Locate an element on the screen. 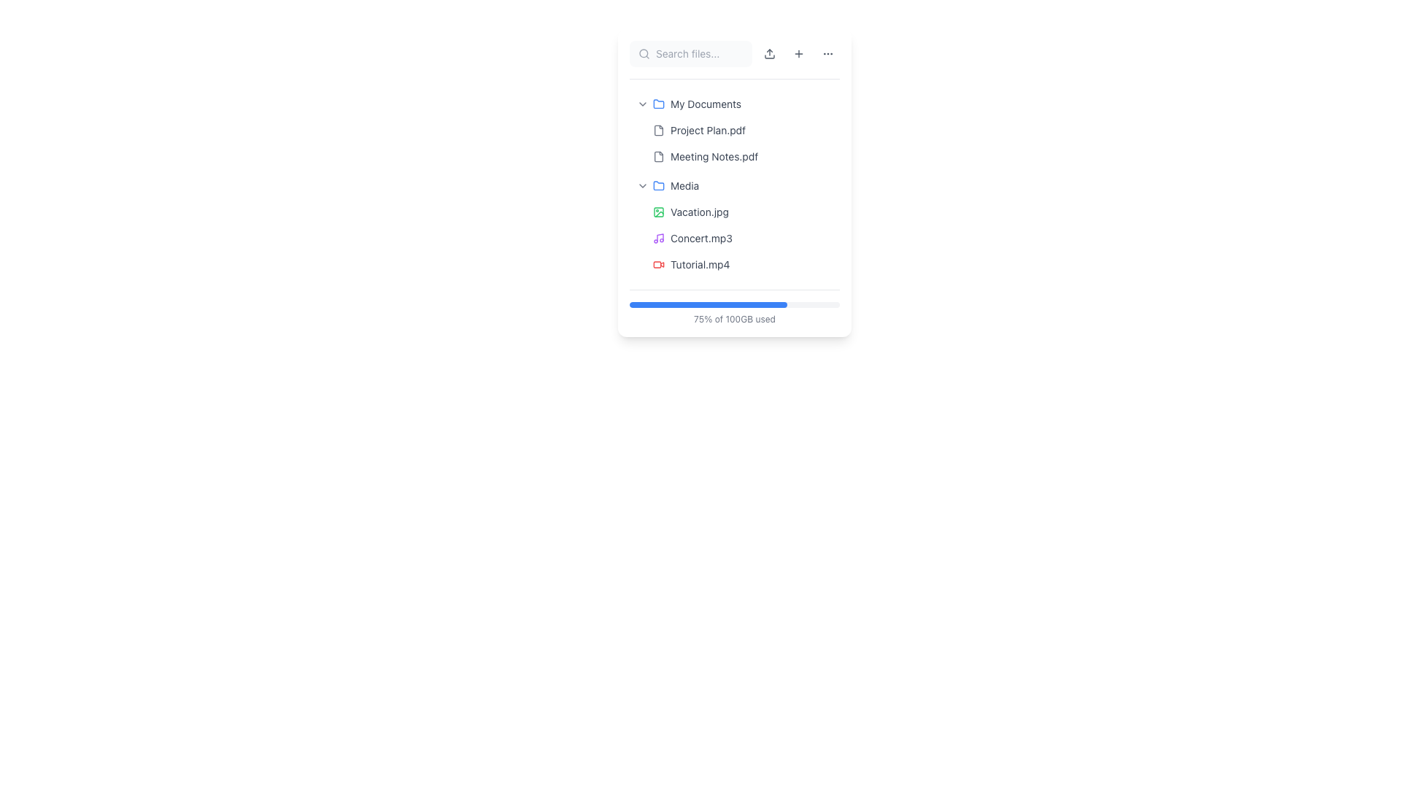 The height and width of the screenshot is (788, 1401). the search field associated with the graphical circle of the search icon located at the left side of the user interface is located at coordinates (643, 53).